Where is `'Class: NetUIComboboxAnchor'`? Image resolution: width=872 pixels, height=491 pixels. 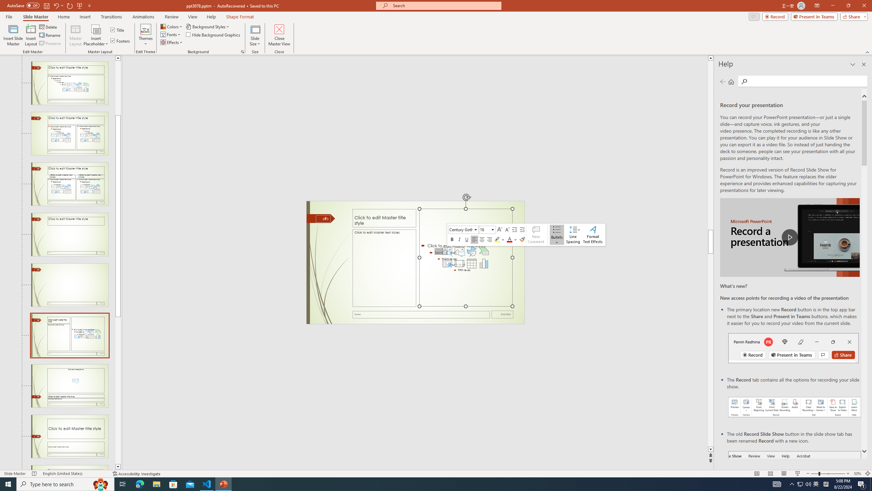 'Class: NetUIComboboxAnchor' is located at coordinates (487, 229).